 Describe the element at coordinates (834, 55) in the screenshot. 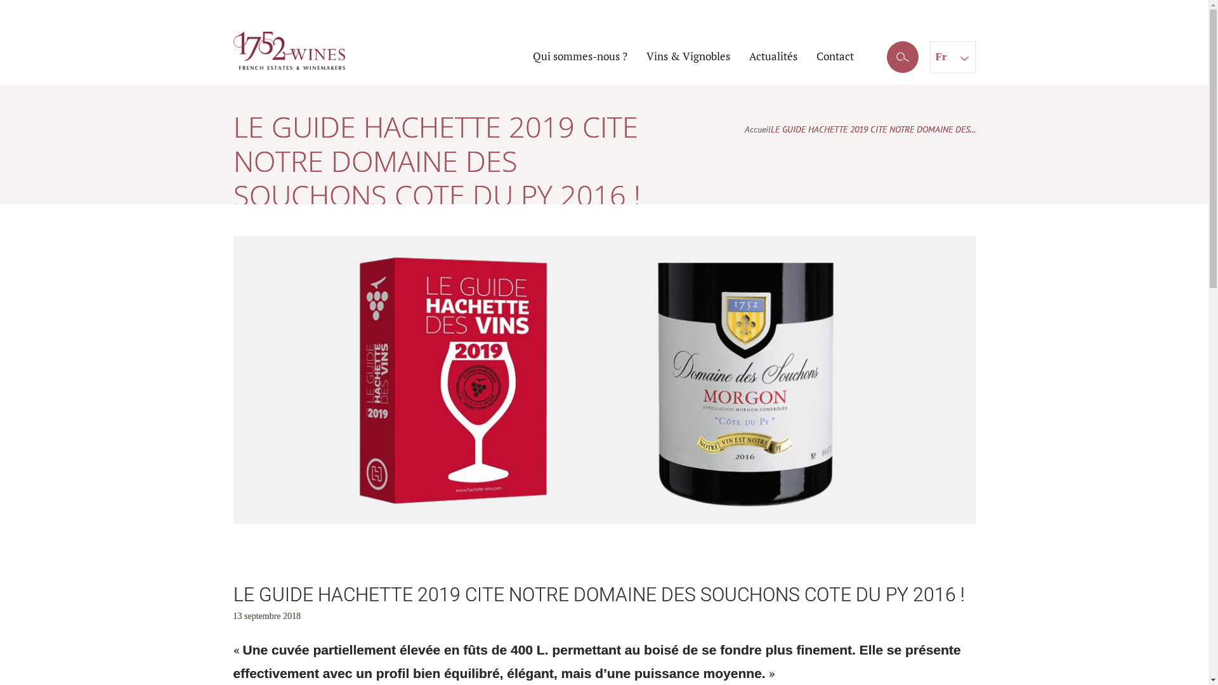

I see `'Contact'` at that location.